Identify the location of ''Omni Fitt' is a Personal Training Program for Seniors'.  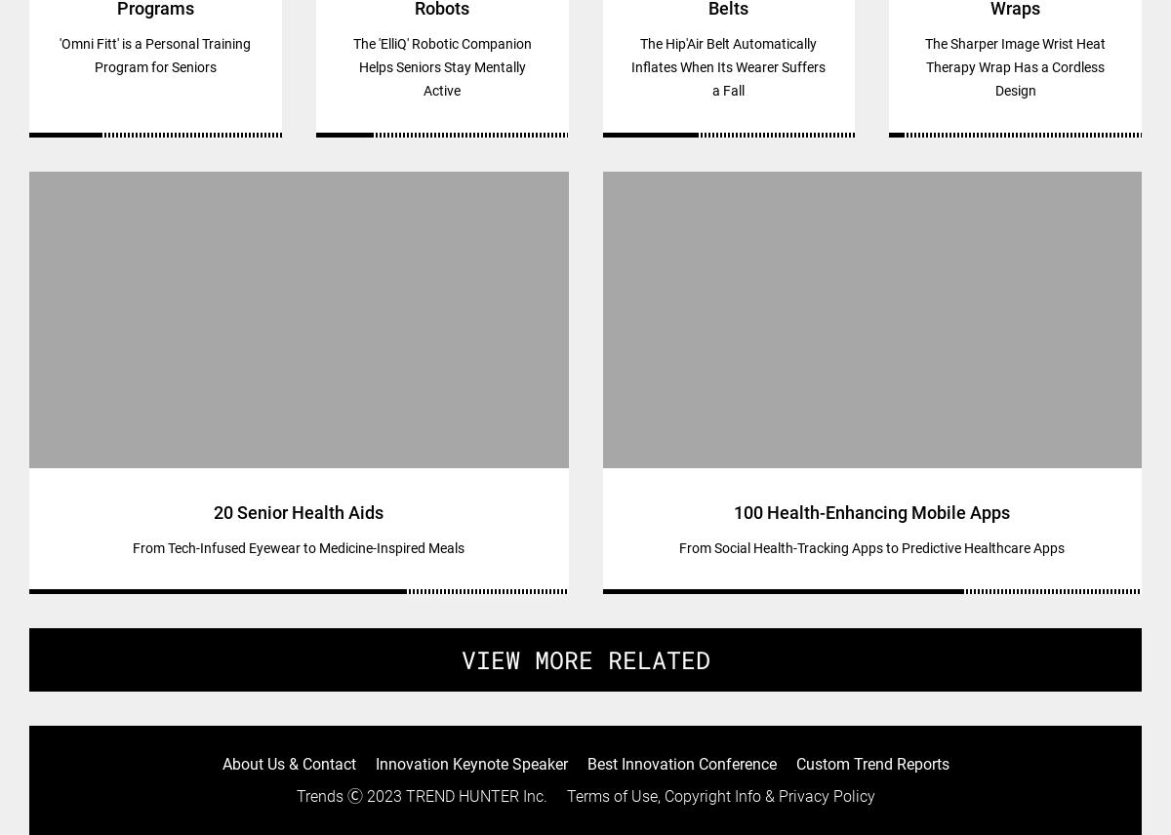
(154, 55).